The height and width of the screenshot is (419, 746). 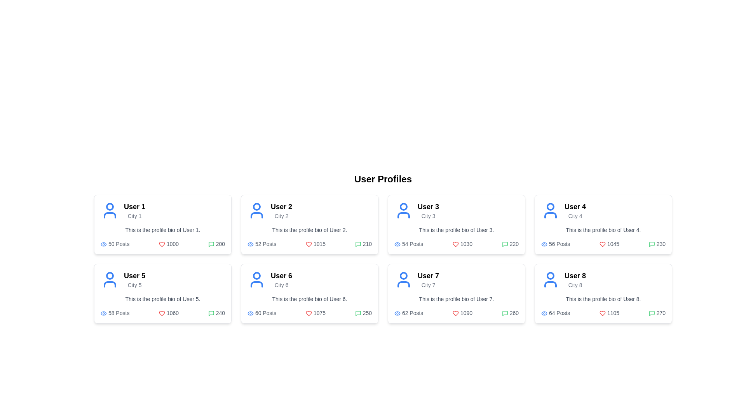 What do you see at coordinates (456, 244) in the screenshot?
I see `the heart icon that represents the 'like' count for 'User 3', located next to the number '1030' in the user profile card` at bounding box center [456, 244].